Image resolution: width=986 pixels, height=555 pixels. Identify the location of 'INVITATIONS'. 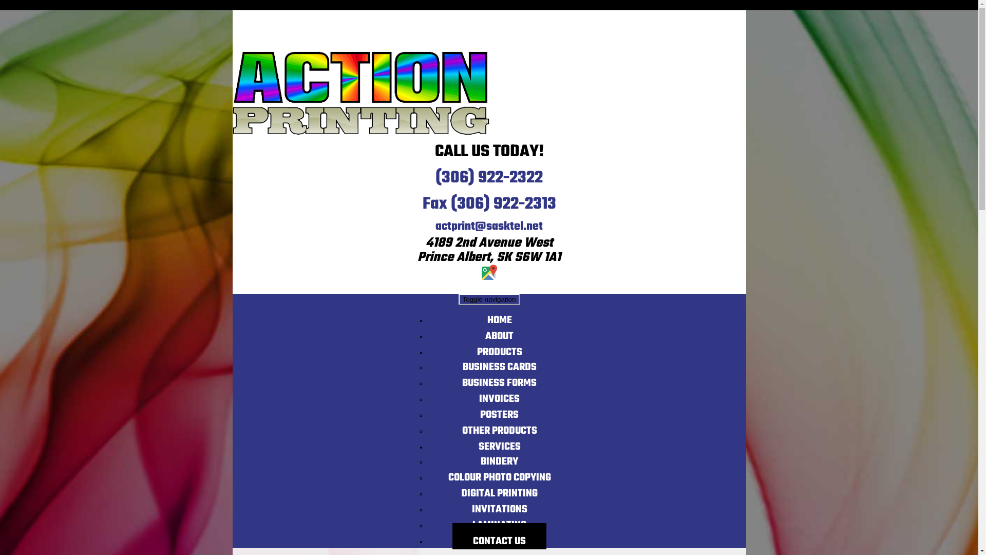
(451, 504).